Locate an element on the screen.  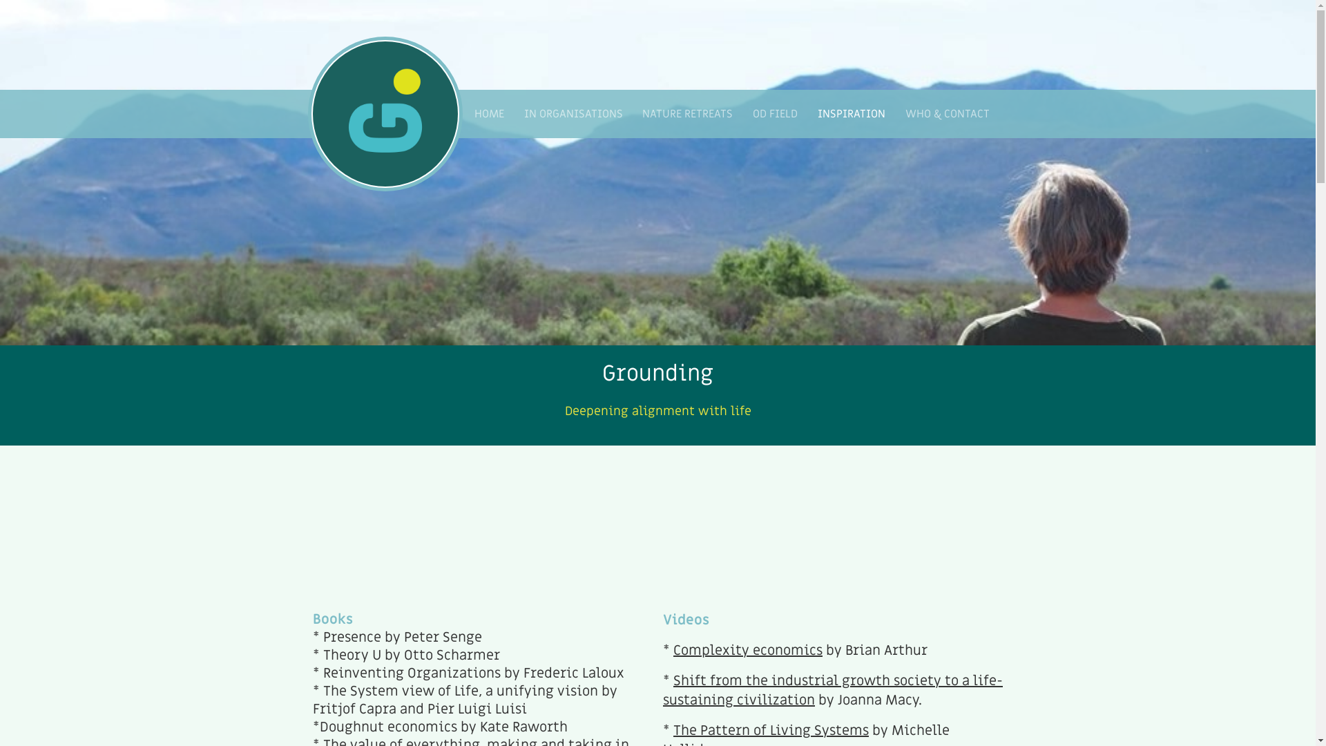
'INSPIRATION' is located at coordinates (851, 113).